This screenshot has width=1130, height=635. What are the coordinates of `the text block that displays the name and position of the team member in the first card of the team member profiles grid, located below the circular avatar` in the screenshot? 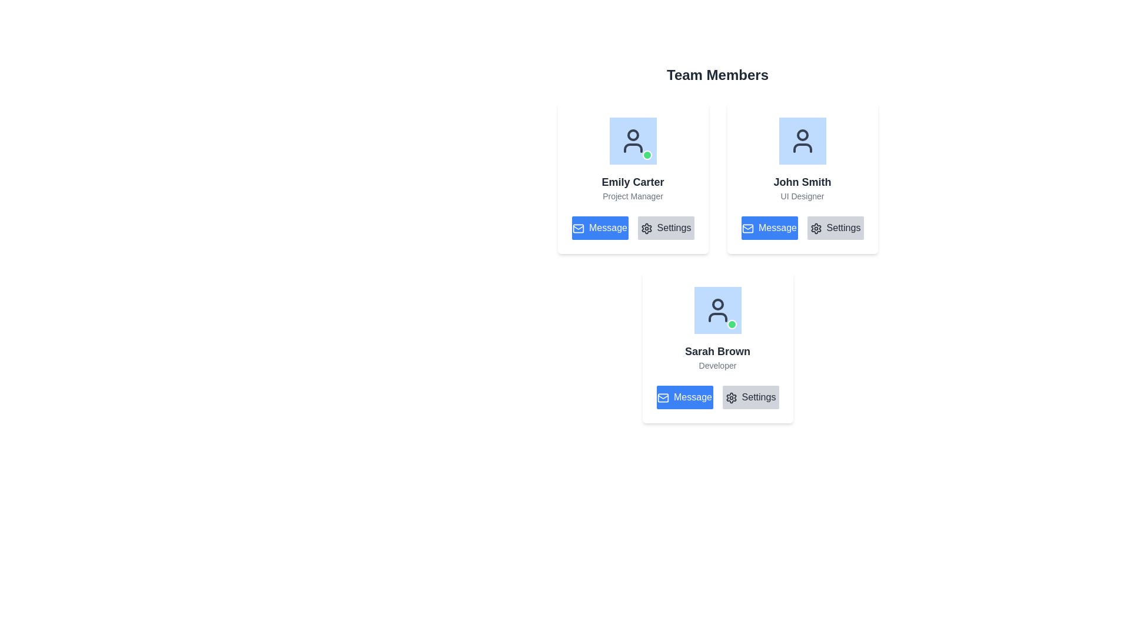 It's located at (632, 188).